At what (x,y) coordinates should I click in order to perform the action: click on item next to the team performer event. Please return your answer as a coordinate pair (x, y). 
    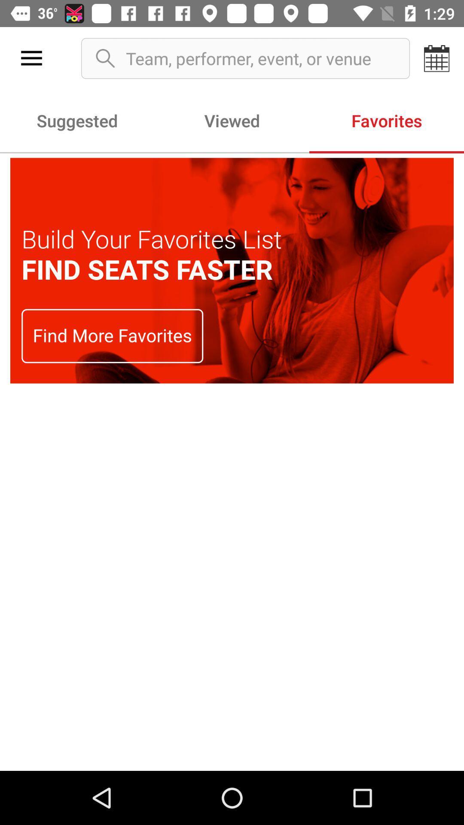
    Looking at the image, I should click on (437, 58).